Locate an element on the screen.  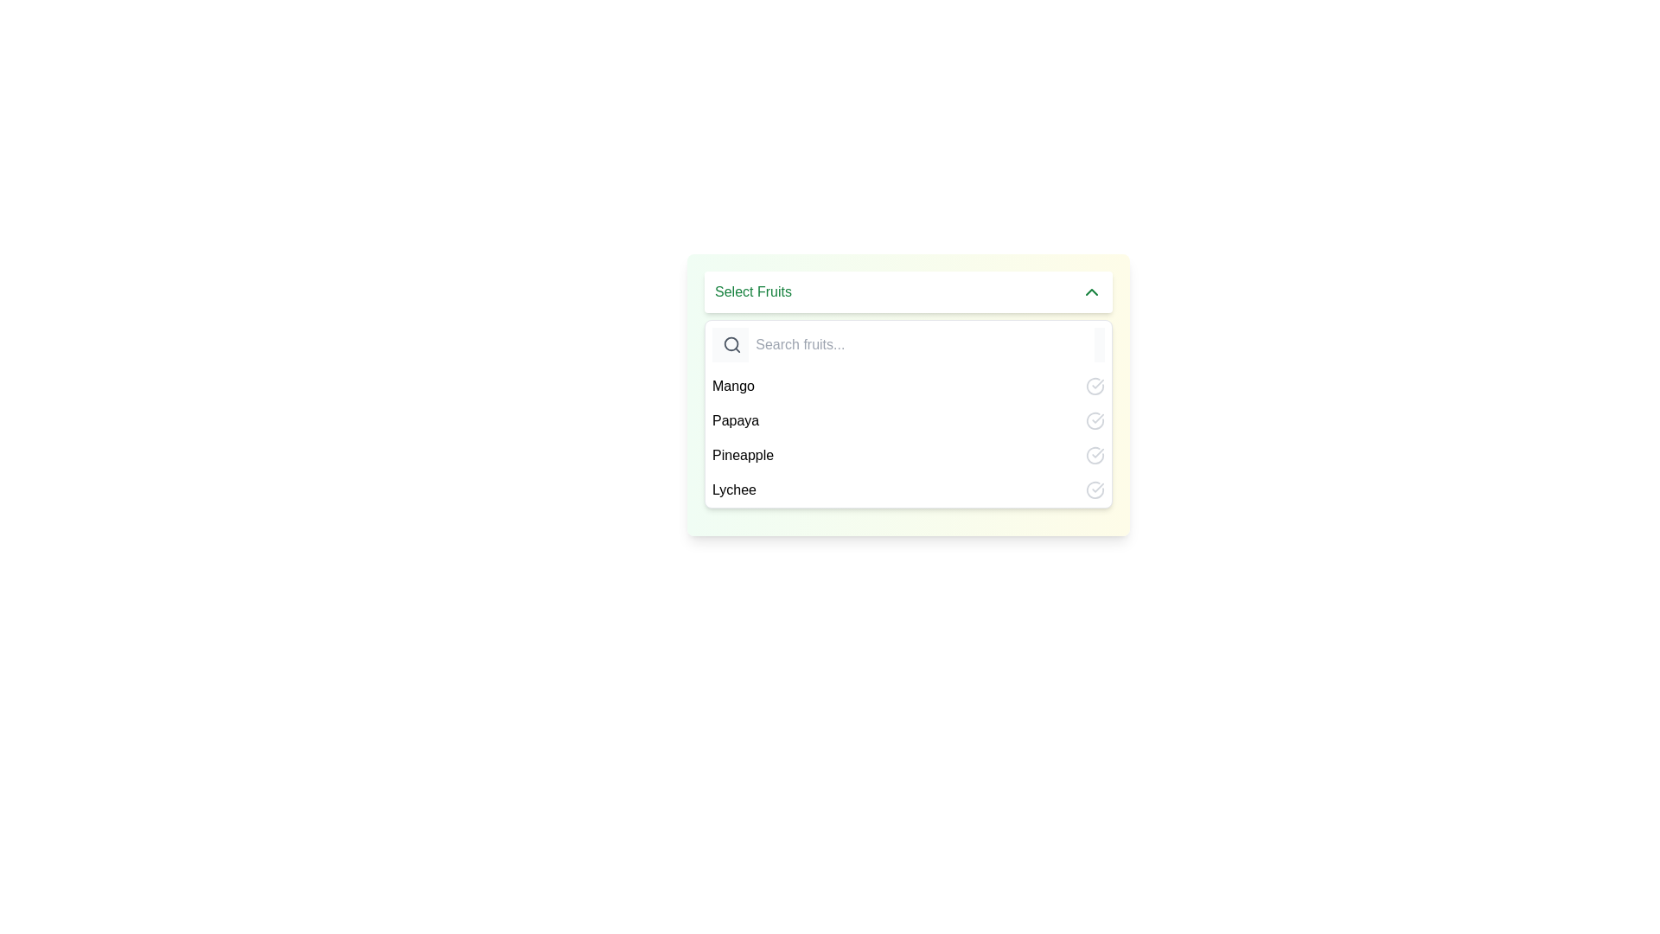
the second selectable item in the dropdown list labeled 'Papaya' is located at coordinates (908, 420).